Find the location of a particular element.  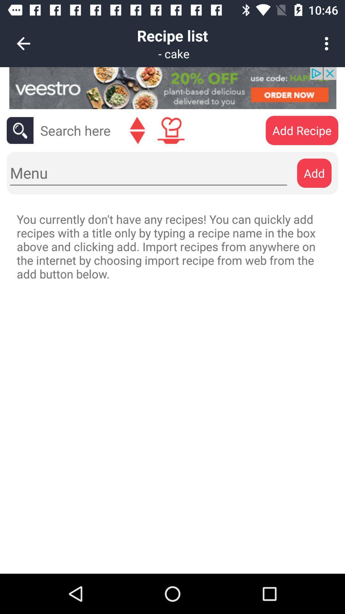

search box is located at coordinates (75, 130).